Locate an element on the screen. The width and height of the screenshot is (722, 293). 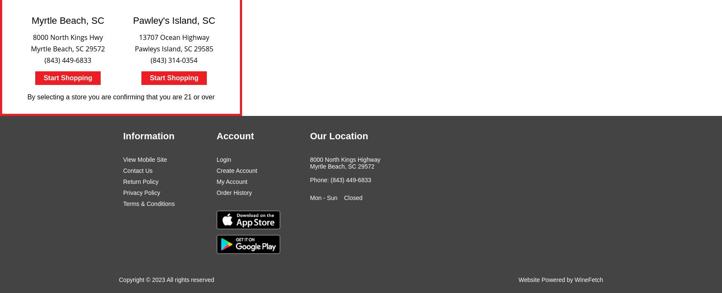
'Website Powered by' is located at coordinates (547, 279).